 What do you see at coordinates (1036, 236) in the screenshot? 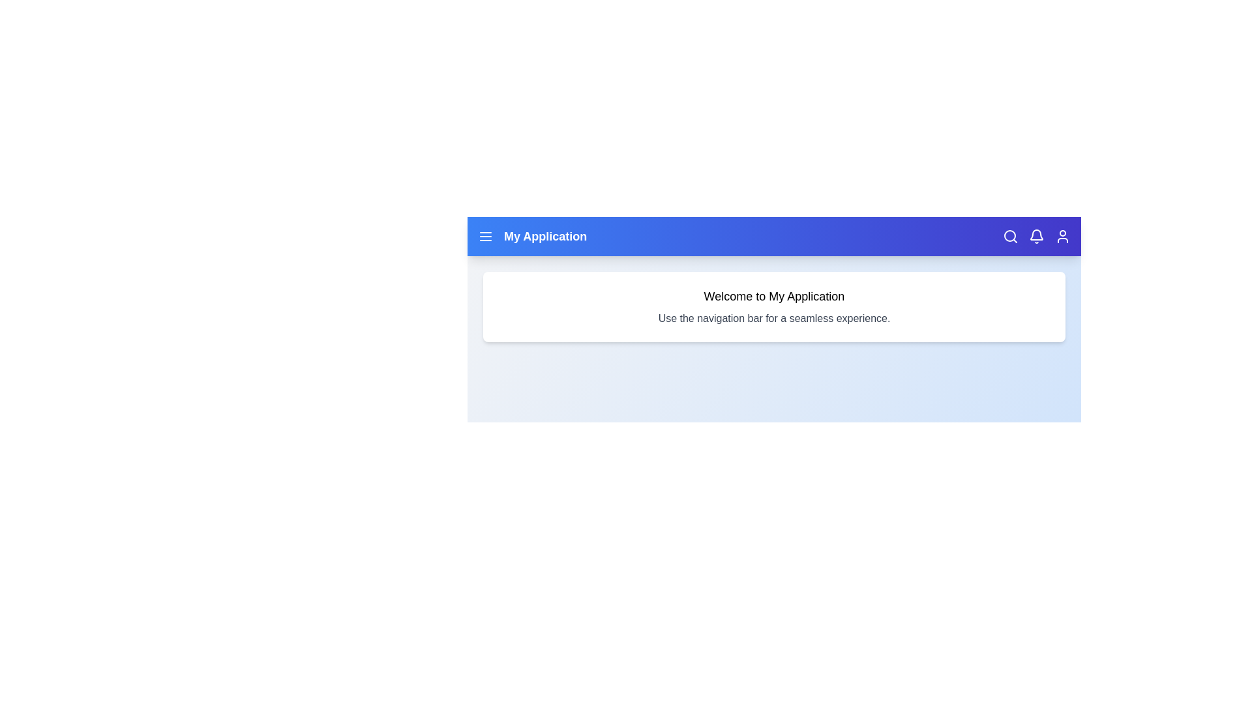
I see `the notification bell icon` at bounding box center [1036, 236].